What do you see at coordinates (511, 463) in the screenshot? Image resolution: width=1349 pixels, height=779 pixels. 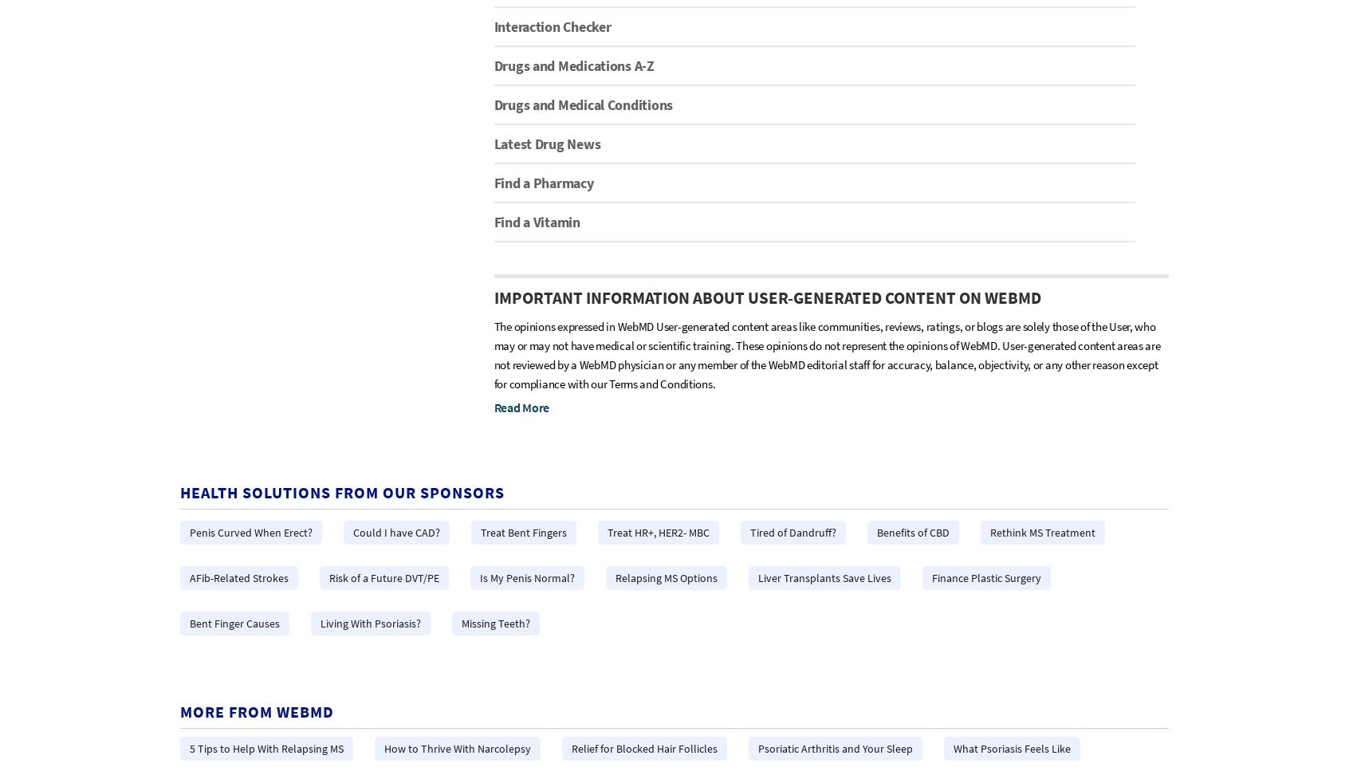 I see `'and'` at bounding box center [511, 463].